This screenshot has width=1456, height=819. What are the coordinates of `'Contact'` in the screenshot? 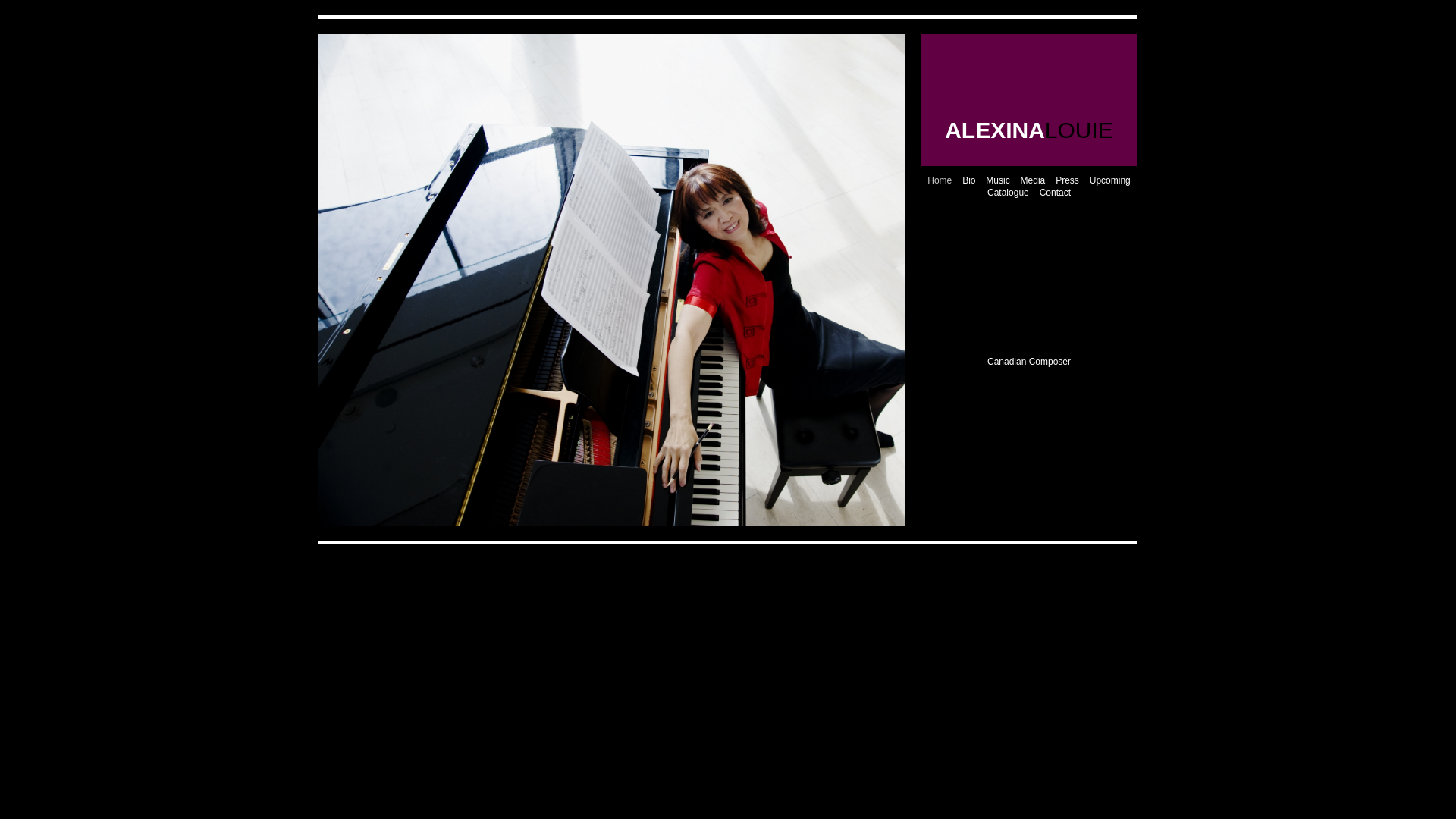 It's located at (1054, 192).